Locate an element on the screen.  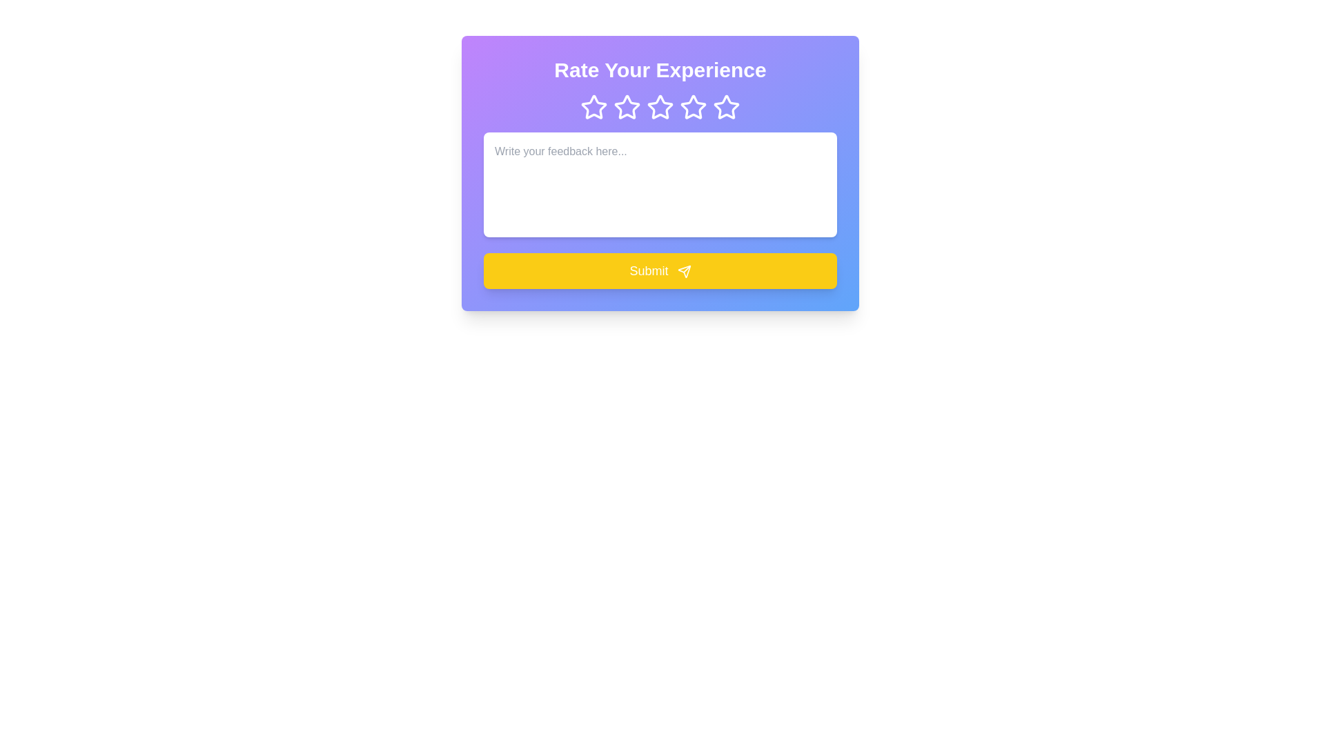
paper plane SVG icon within the 'Submit' button for accessibility purposes is located at coordinates (684, 272).